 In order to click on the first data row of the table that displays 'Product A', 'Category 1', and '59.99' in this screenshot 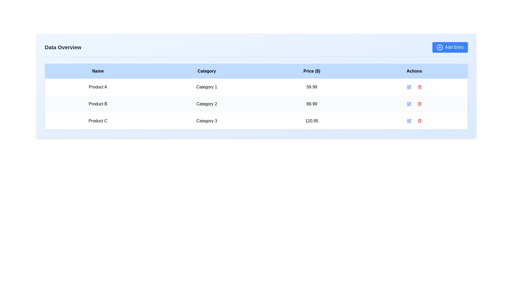, I will do `click(256, 87)`.